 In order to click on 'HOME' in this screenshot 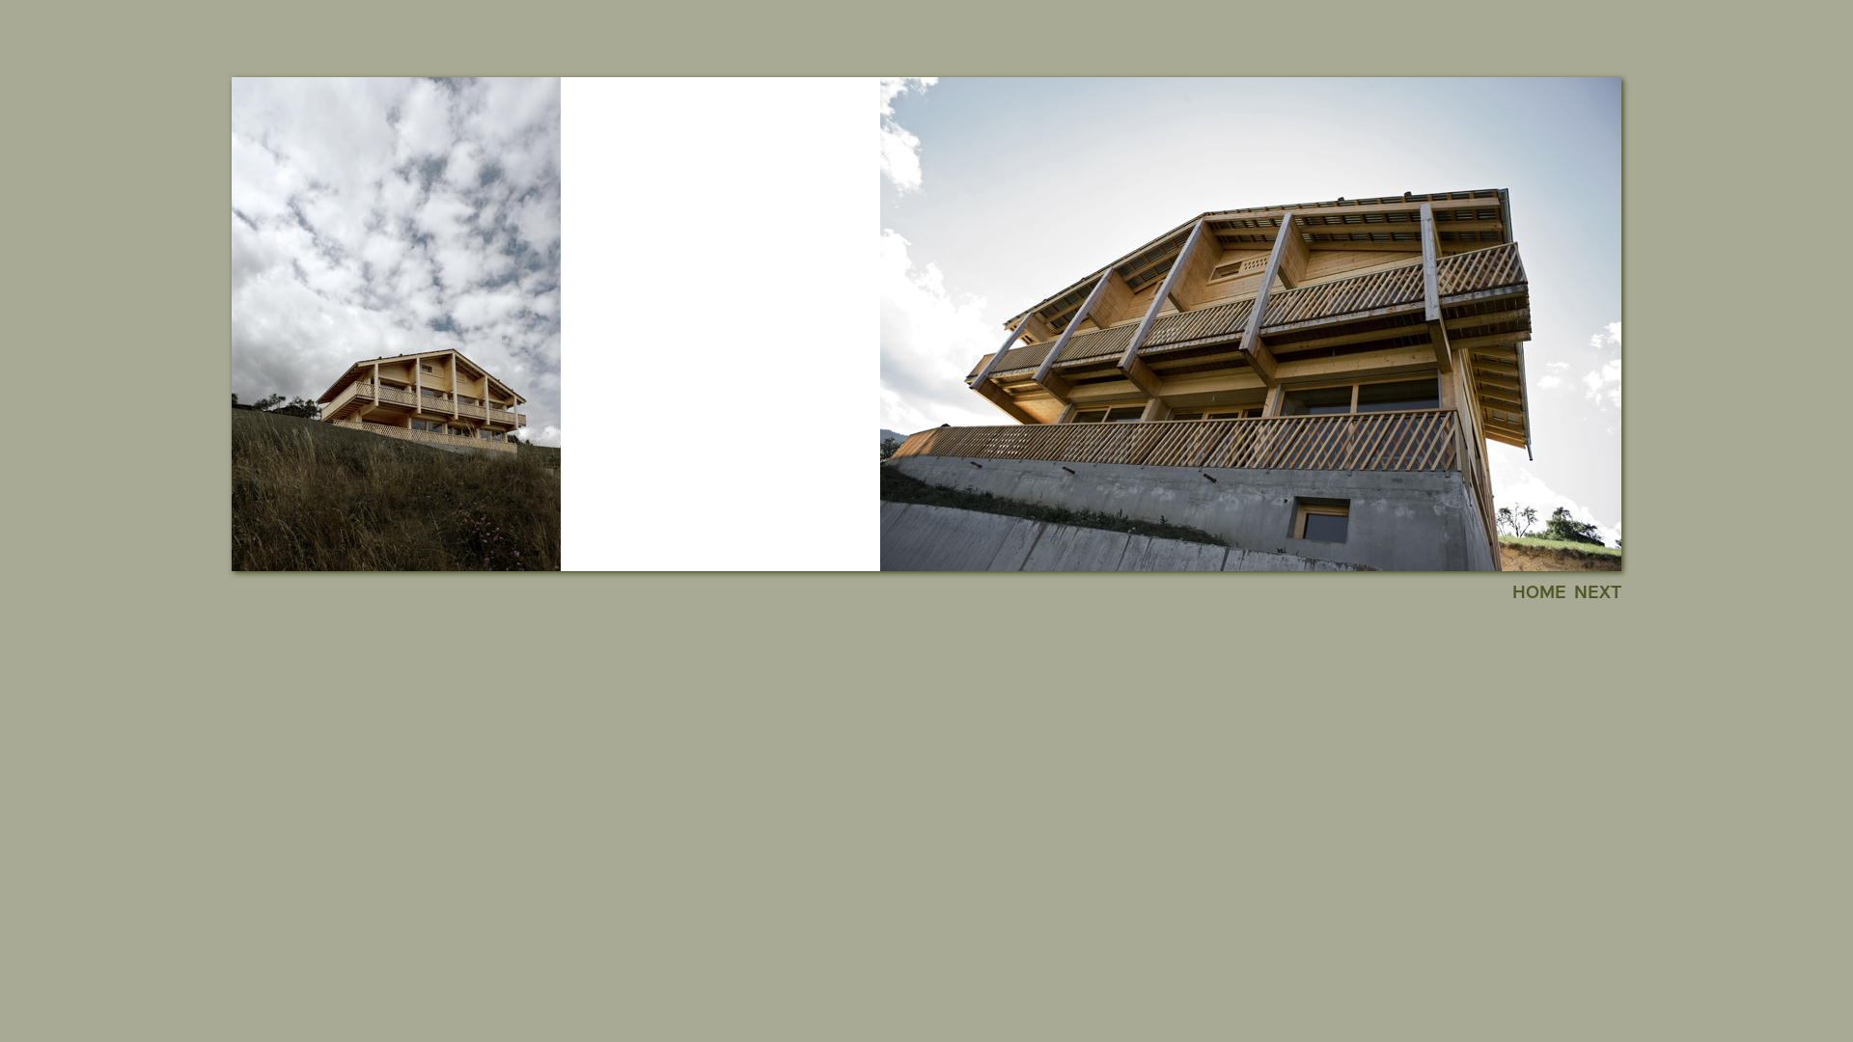, I will do `click(1537, 591)`.